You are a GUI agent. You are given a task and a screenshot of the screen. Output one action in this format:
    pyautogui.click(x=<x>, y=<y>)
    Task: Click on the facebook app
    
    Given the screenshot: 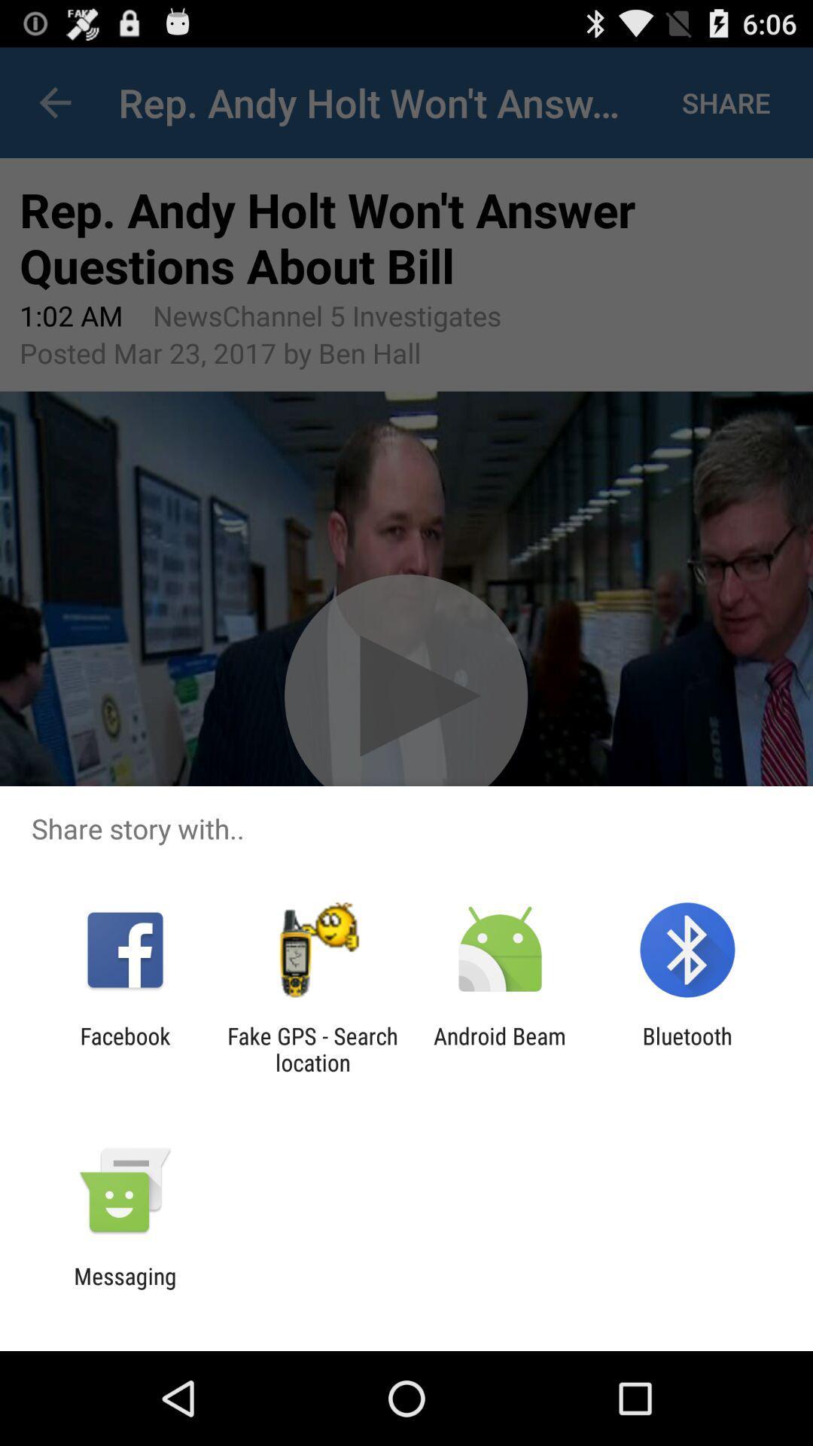 What is the action you would take?
    pyautogui.click(x=124, y=1048)
    